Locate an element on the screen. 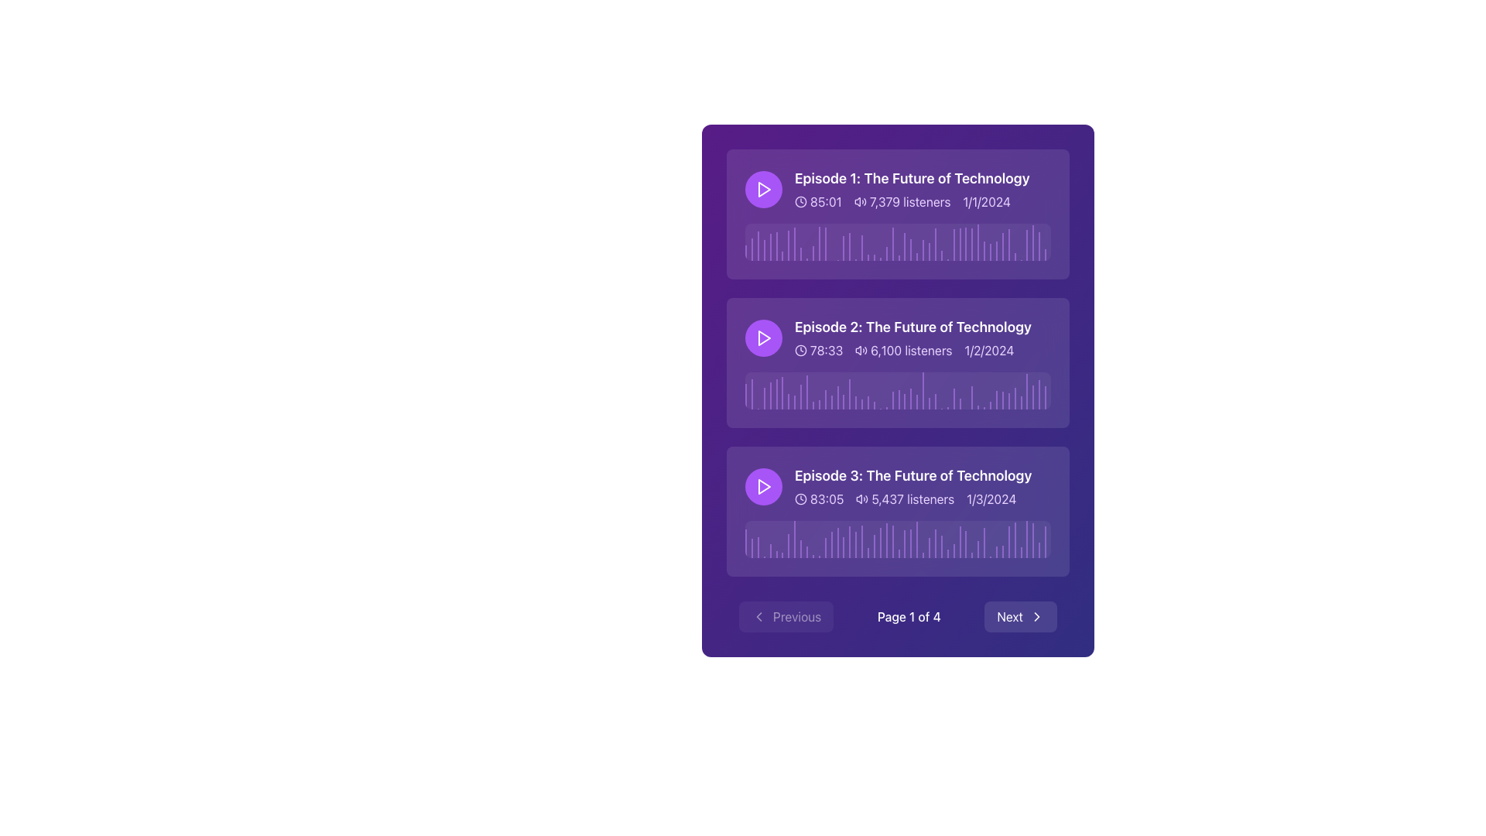 Image resolution: width=1486 pixels, height=836 pixels. the Progress Indicator, a small vertical rectangle with a purple hue and slight transparency, marking a specific part of the waveform under 'Episode 1: The Future of Technology' is located at coordinates (953, 244).